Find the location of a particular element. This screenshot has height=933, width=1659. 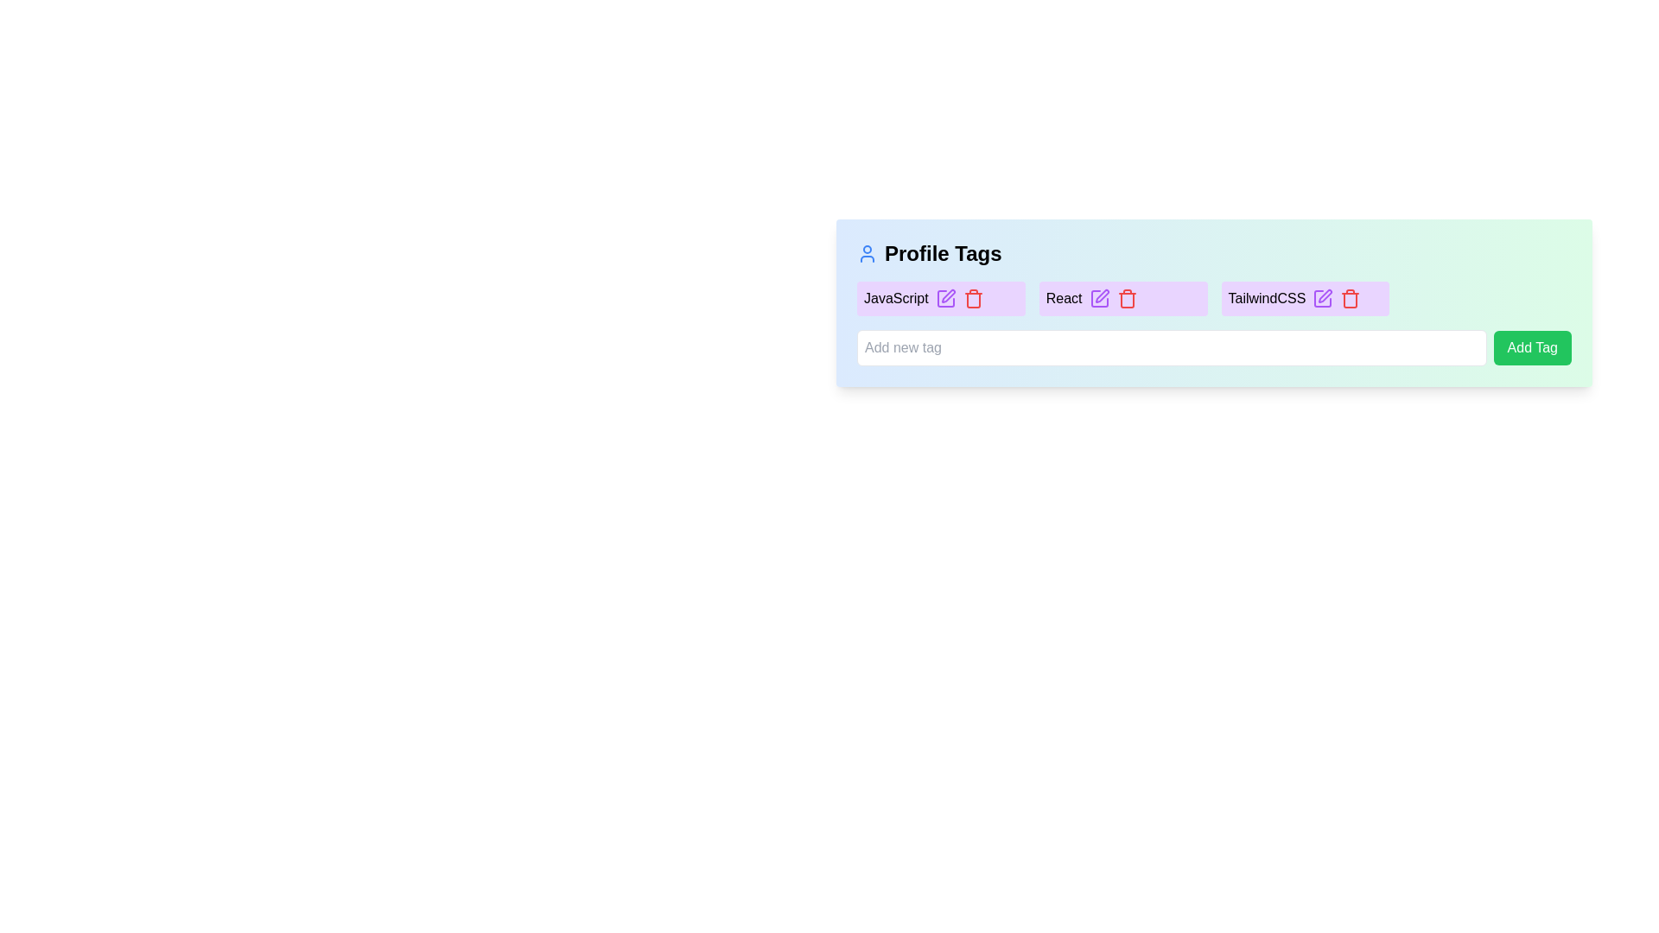

the icon button with a purple outline of a square and a pen icon, located next to the 'TailwindCSS' label in the horizontal list of icons is located at coordinates (1322, 298).